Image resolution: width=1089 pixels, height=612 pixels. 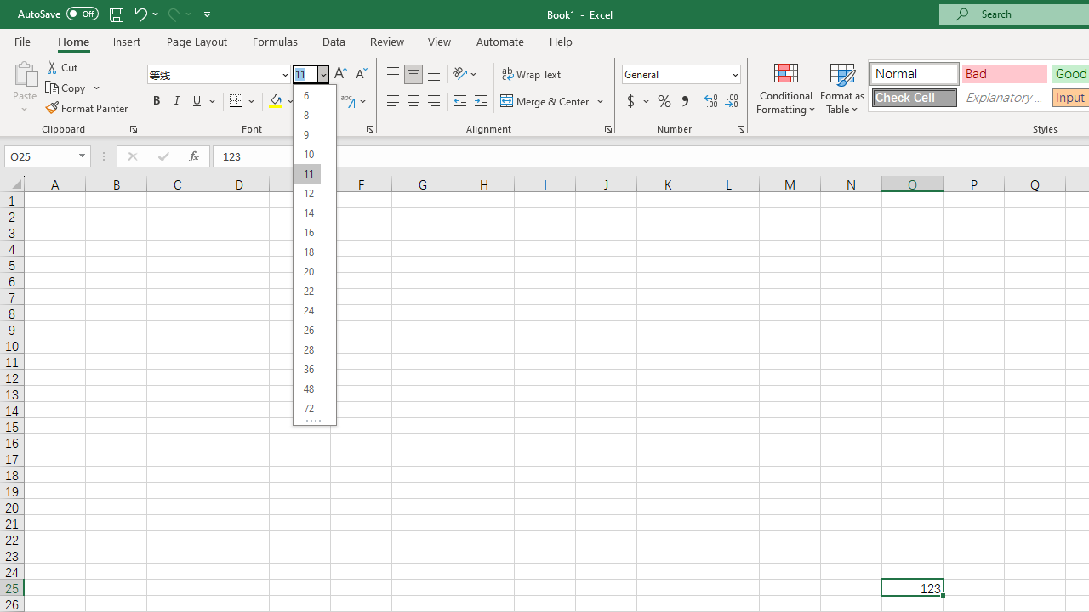 I want to click on 'Align Right', so click(x=434, y=101).